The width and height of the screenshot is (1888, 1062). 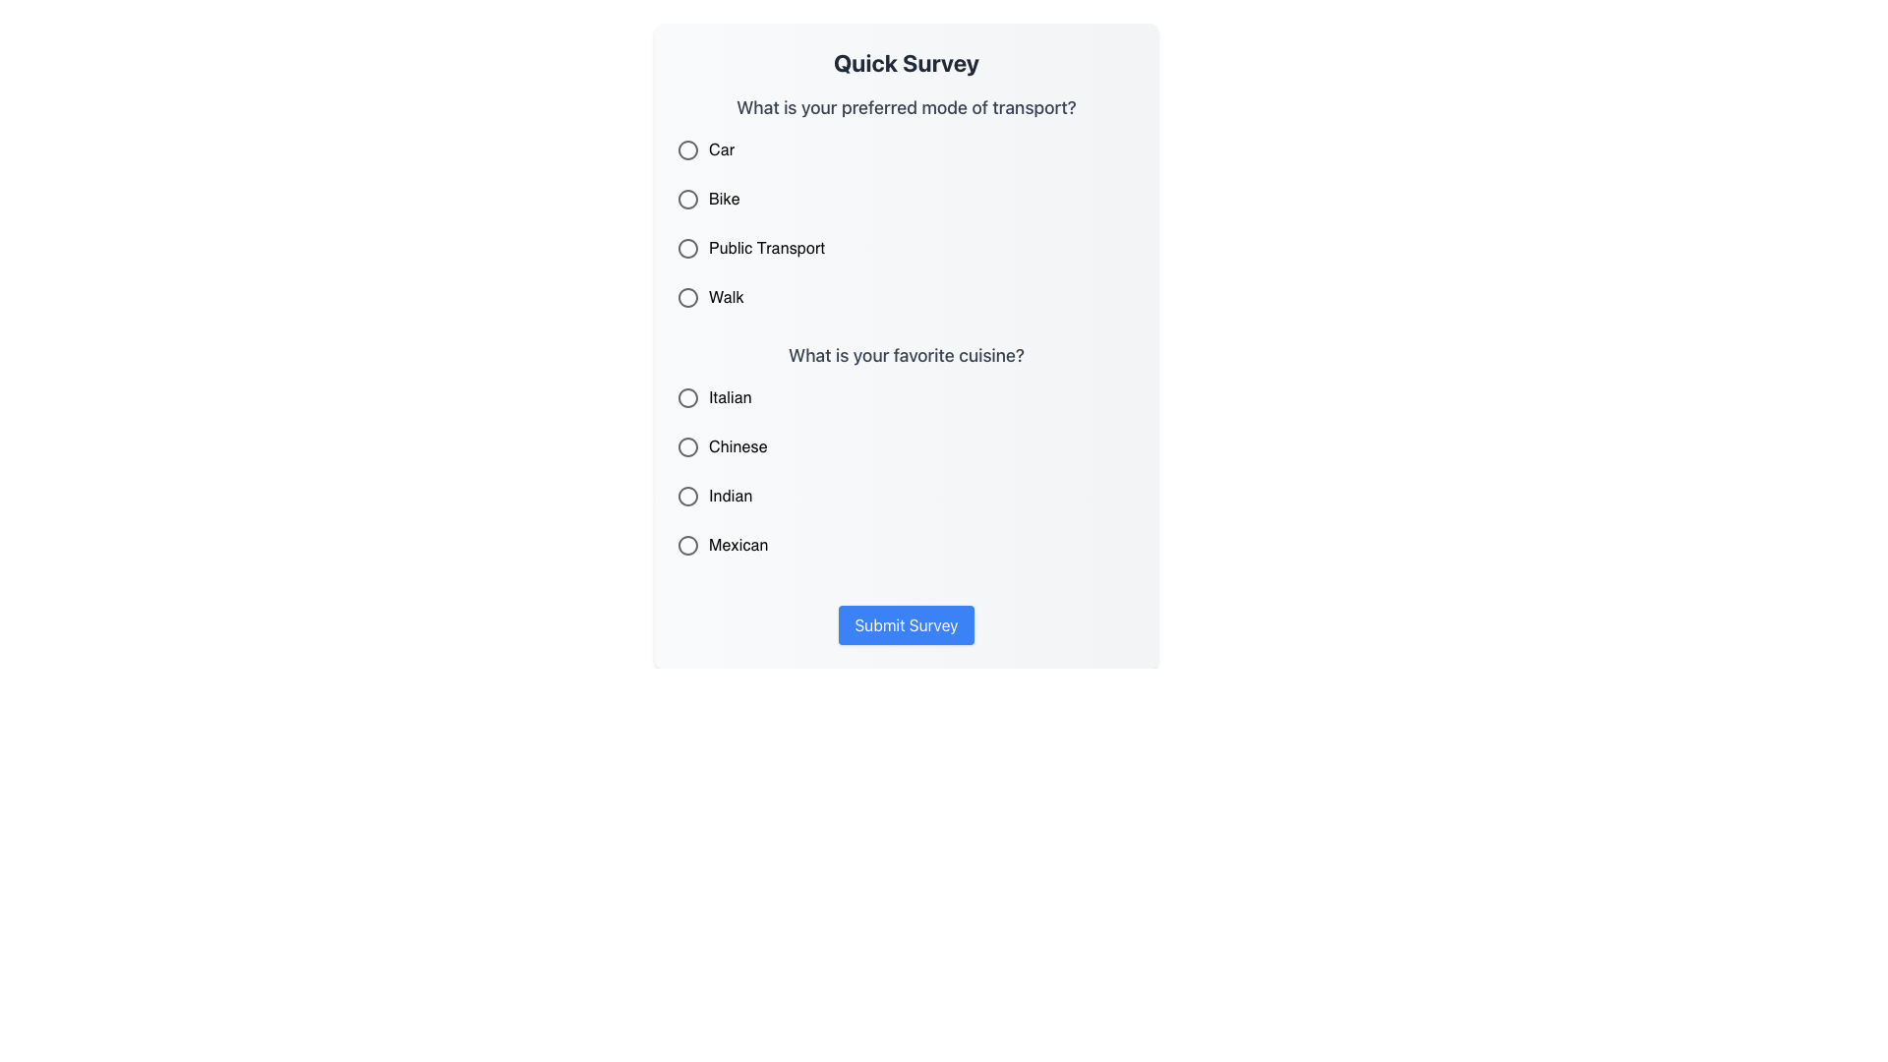 I want to click on the radio button labeled 'Mexican', so click(x=688, y=546).